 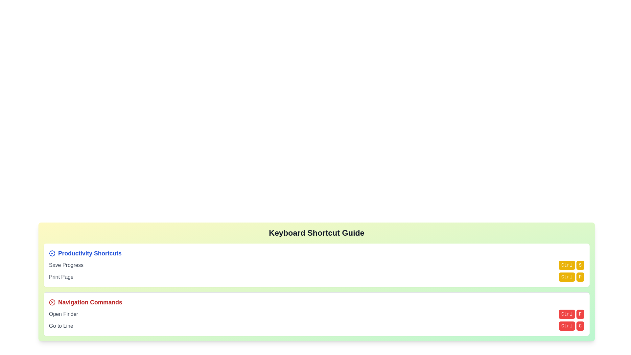 What do you see at coordinates (571, 277) in the screenshot?
I see `the 'Ctrl' and 'P' Keyboard Shortcut Indicator button located in the second row of the first group under 'Productivity Shortcuts', positioned in the far right of the row adjacent to the 'Print Page' label` at bounding box center [571, 277].